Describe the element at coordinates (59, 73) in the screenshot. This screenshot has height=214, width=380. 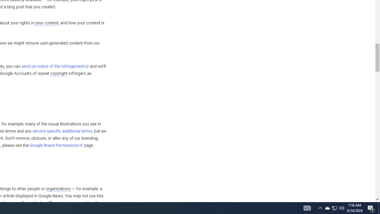
I see `'copyright'` at that location.